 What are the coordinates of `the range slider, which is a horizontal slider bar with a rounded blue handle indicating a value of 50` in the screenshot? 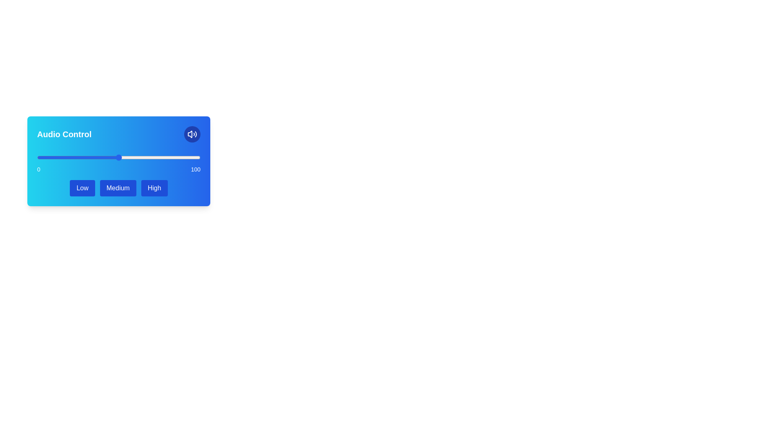 It's located at (118, 157).